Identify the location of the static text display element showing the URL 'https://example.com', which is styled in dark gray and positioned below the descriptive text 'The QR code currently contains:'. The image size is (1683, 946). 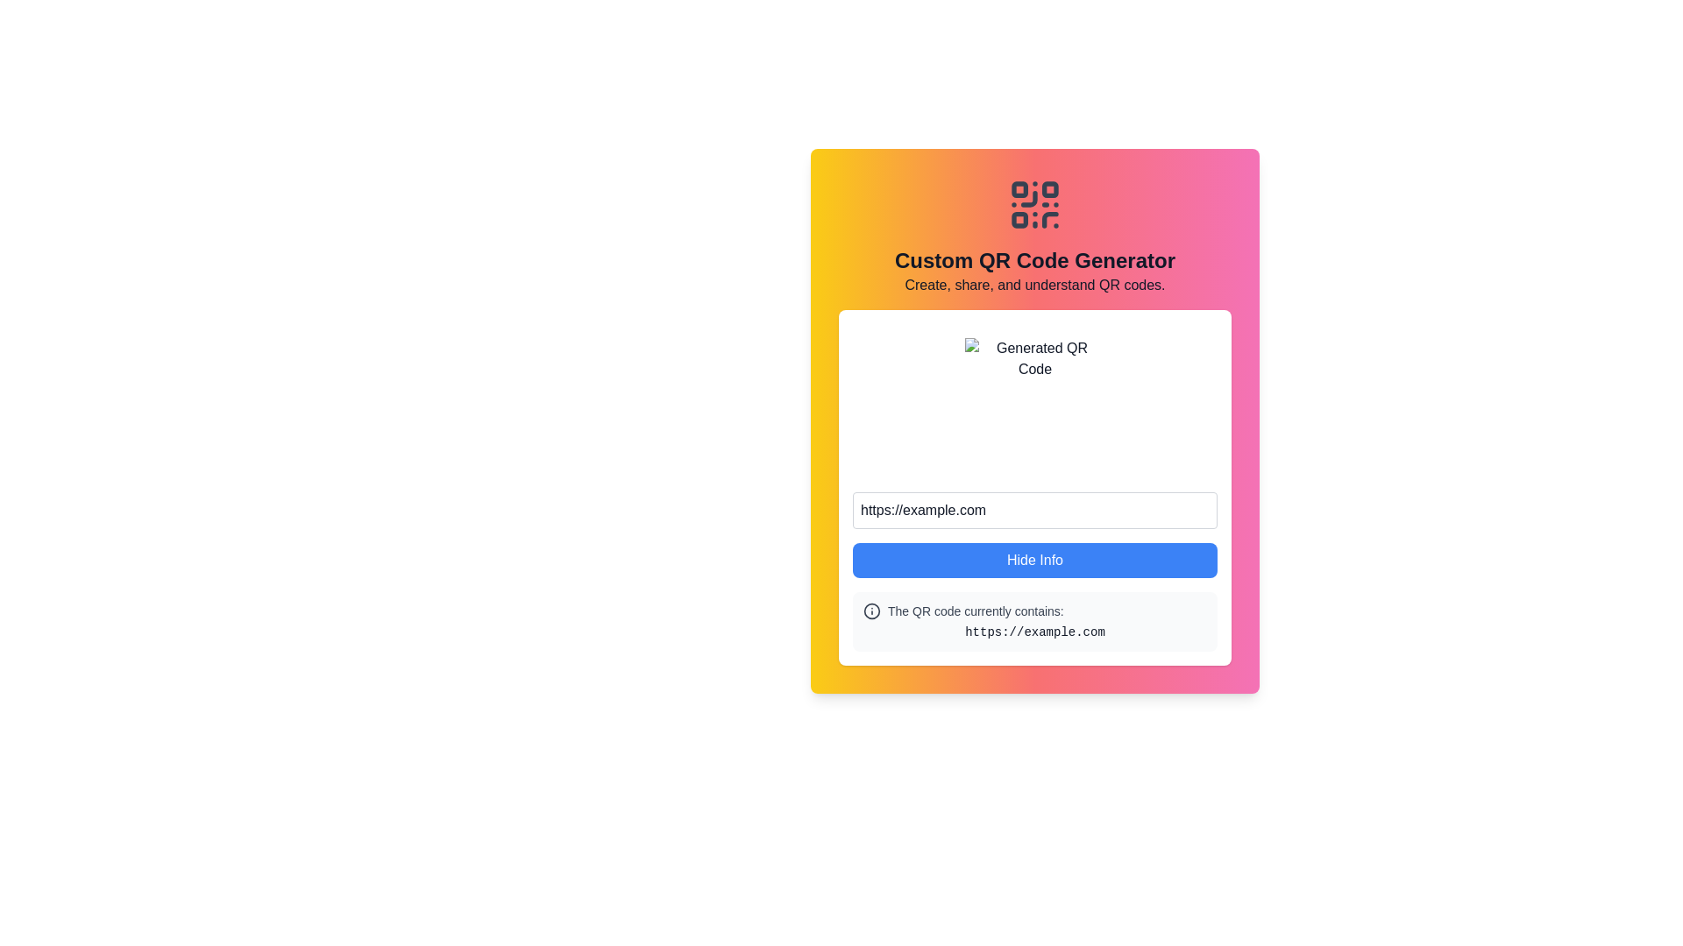
(1034, 632).